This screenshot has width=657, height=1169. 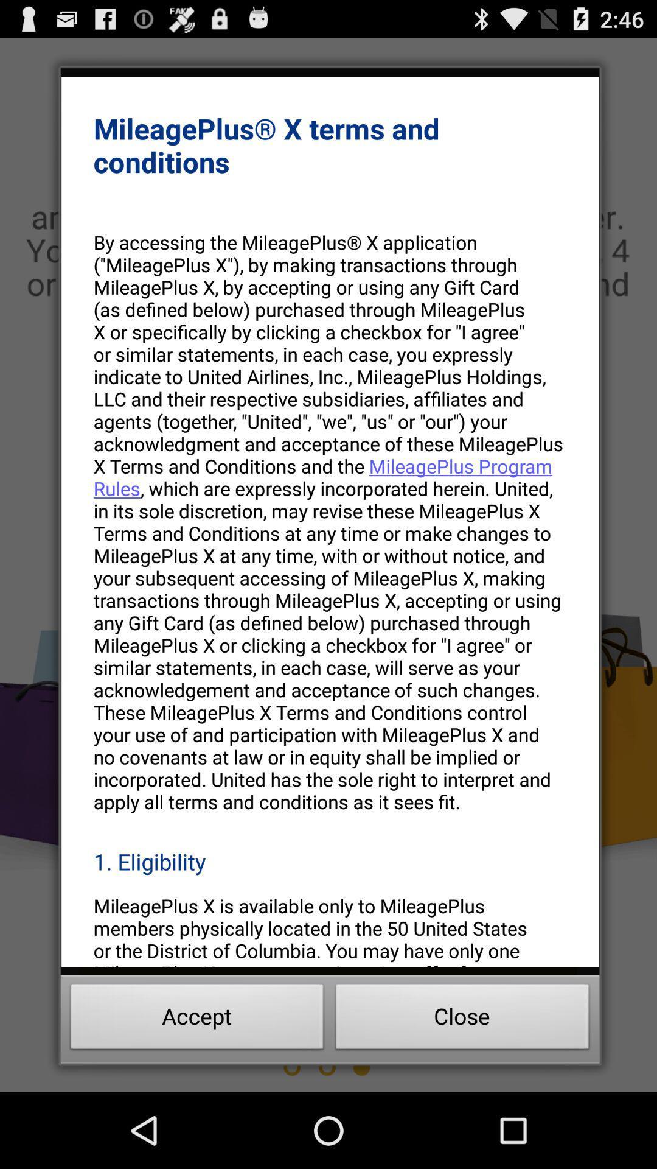 What do you see at coordinates (462, 1020) in the screenshot?
I see `item next to the accept button` at bounding box center [462, 1020].